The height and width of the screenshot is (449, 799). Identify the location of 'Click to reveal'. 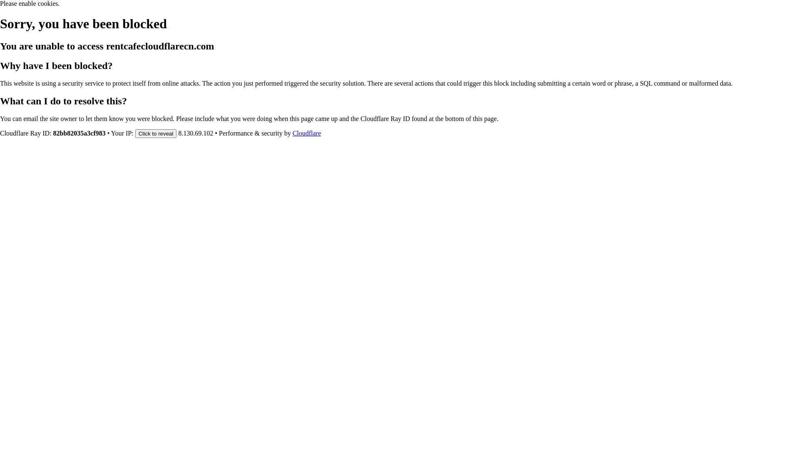
(156, 133).